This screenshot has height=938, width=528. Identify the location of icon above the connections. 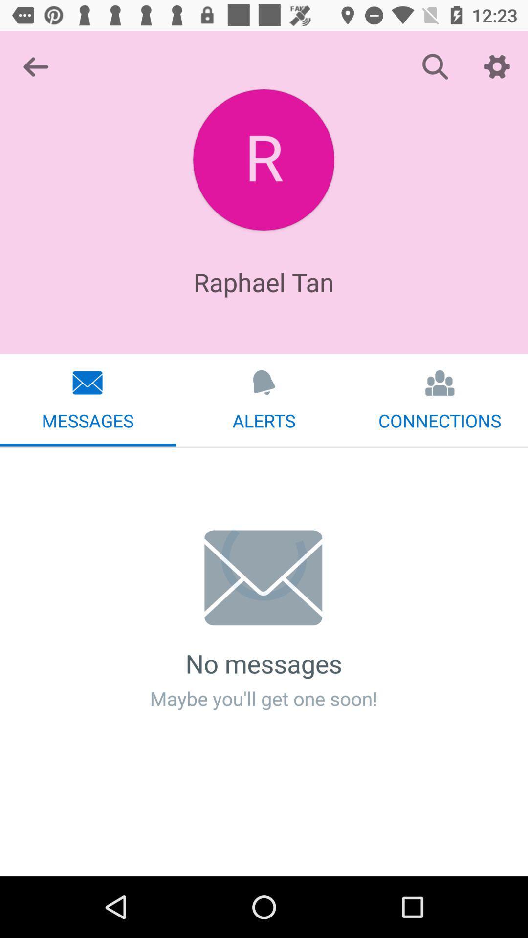
(497, 66).